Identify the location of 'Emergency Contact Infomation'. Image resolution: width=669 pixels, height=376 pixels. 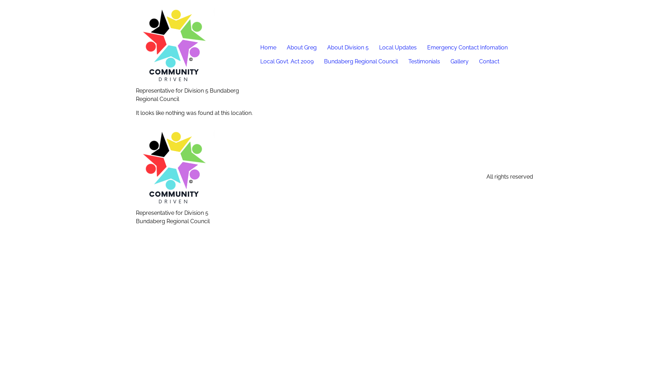
(467, 47).